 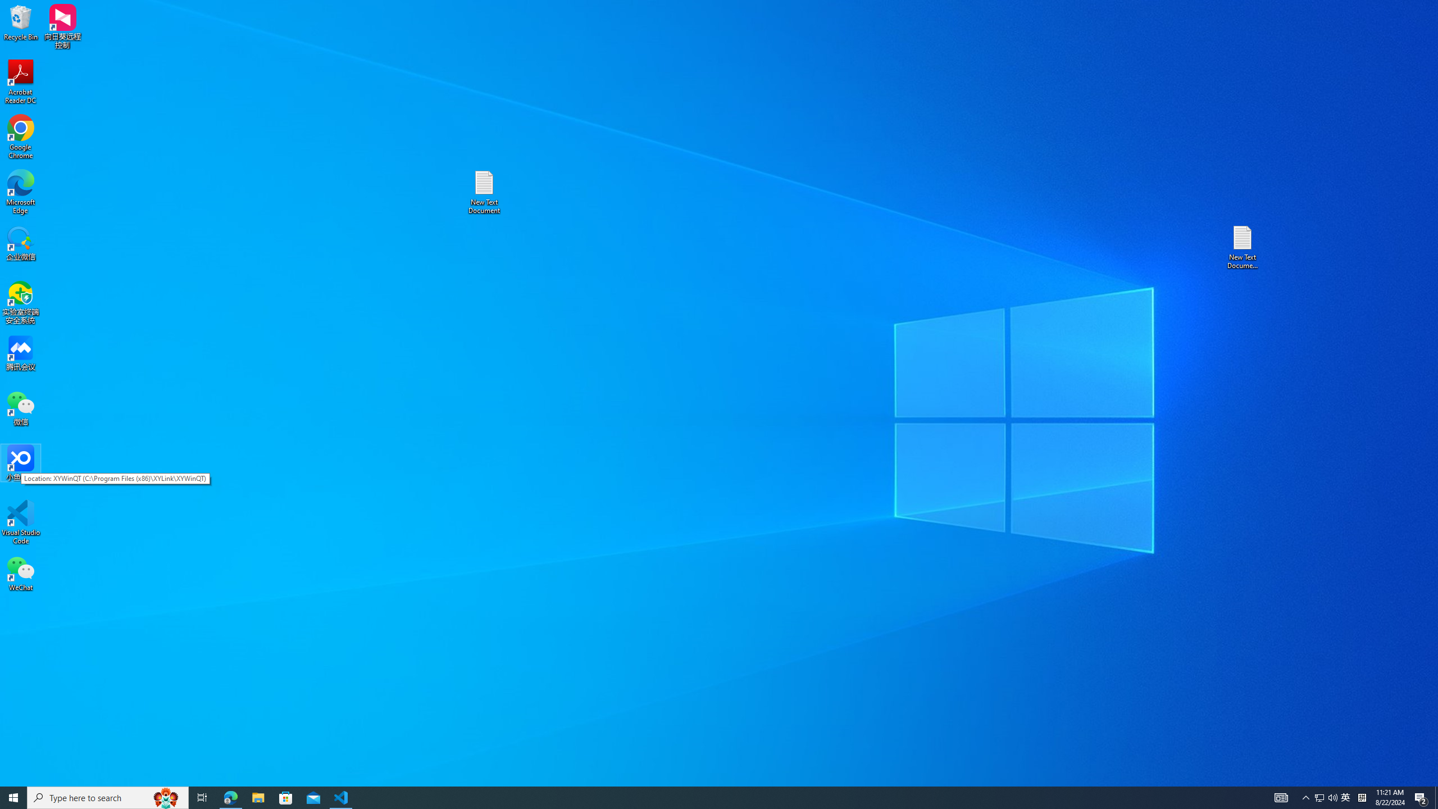 I want to click on 'Tray Input Indicator - Chinese (Simplified, China)', so click(x=1362, y=797).